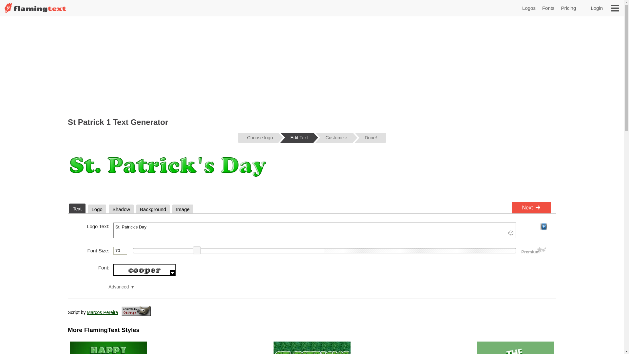 The height and width of the screenshot is (354, 629). What do you see at coordinates (543, 226) in the screenshot?
I see `'Click to create an animation with this logo.'` at bounding box center [543, 226].